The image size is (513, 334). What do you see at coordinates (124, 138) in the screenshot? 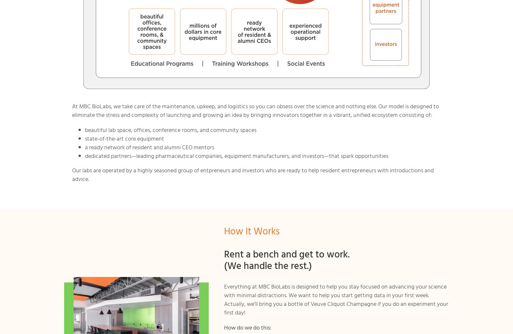
I see `'state-of-the-art core equipment'` at bounding box center [124, 138].